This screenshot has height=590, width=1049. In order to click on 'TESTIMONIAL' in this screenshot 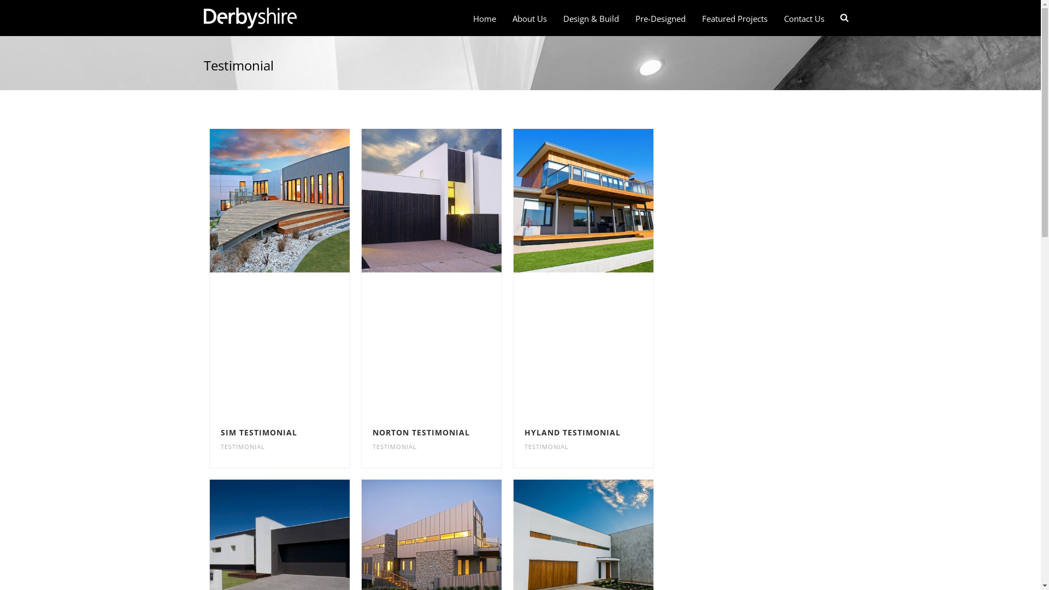, I will do `click(242, 446)`.